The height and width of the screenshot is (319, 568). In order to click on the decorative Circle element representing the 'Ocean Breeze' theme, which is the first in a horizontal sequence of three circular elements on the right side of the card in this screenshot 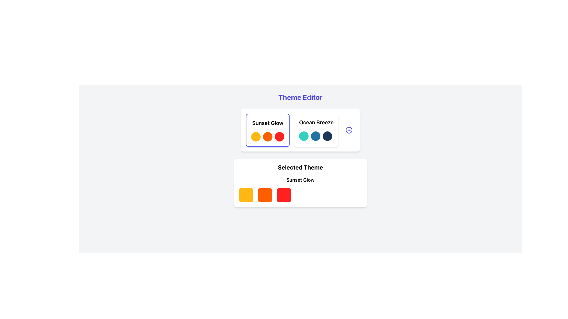, I will do `click(304, 136)`.